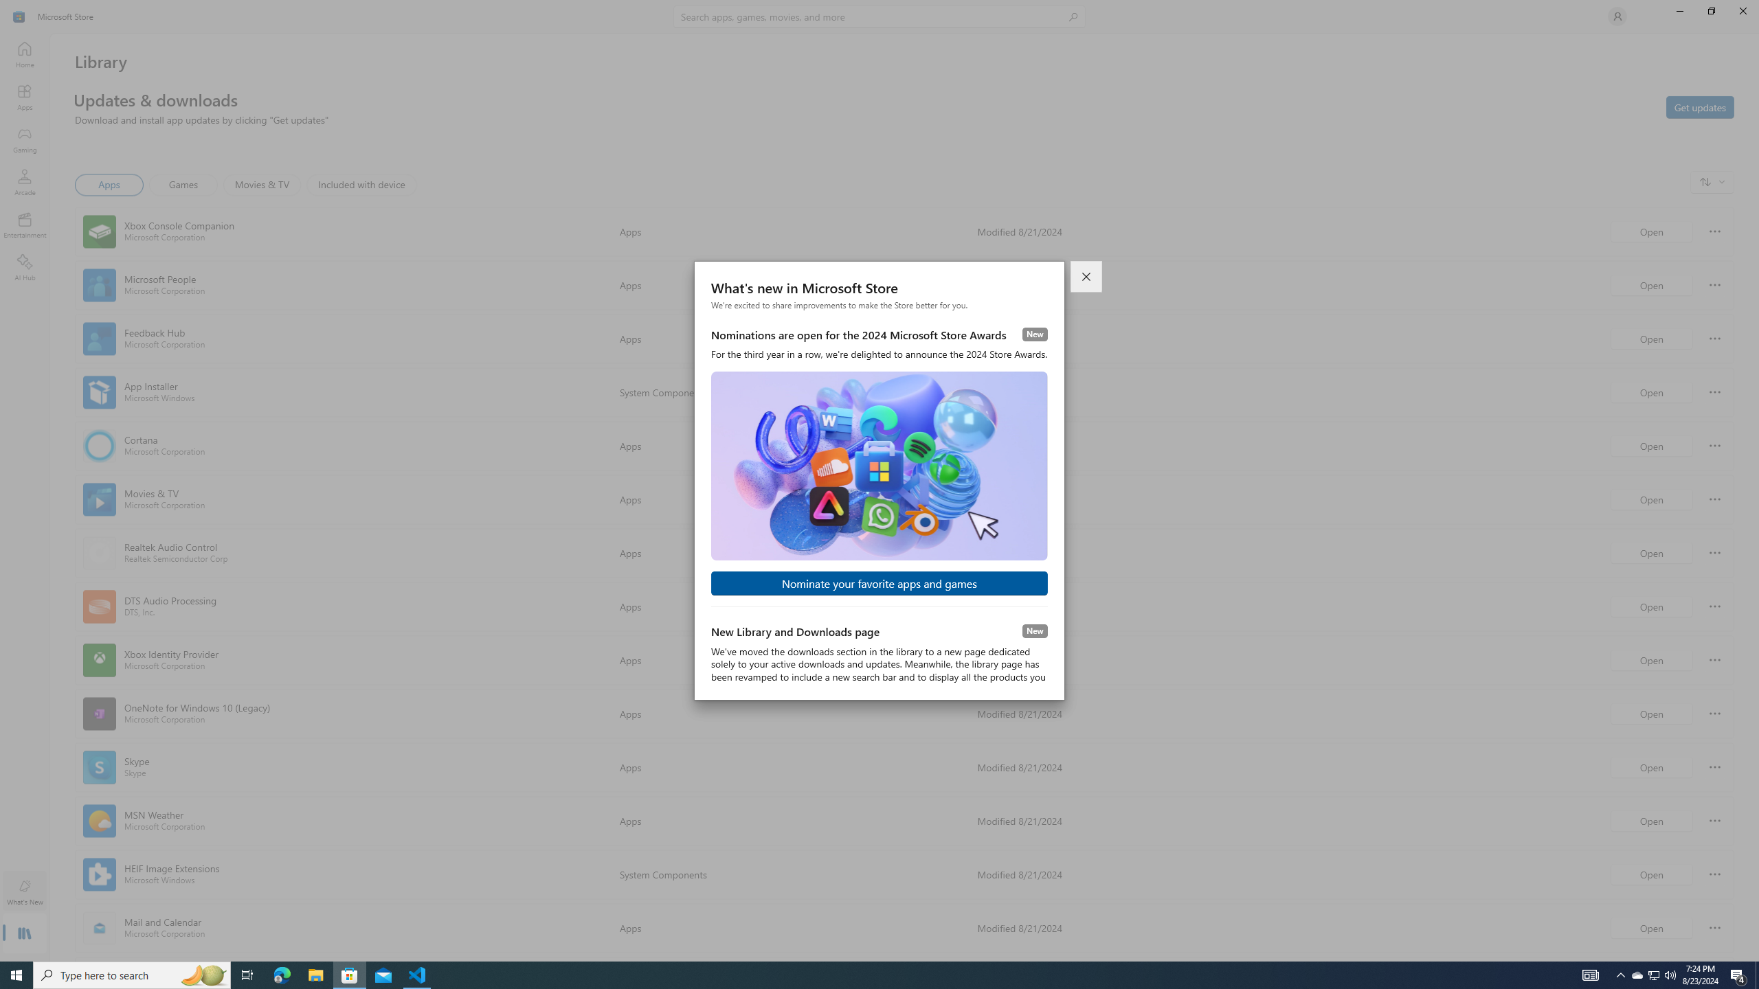 Image resolution: width=1759 pixels, height=989 pixels. What do you see at coordinates (1712, 181) in the screenshot?
I see `'Sort and filter'` at bounding box center [1712, 181].